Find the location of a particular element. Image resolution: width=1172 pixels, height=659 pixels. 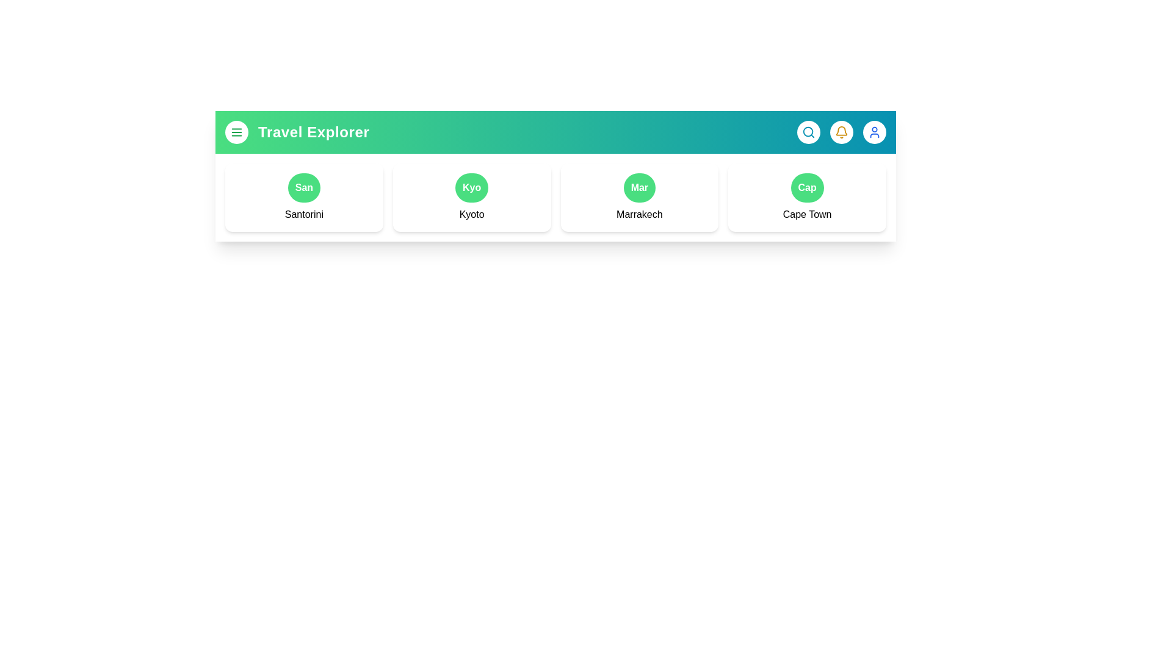

the notification bell icon to view notifications is located at coordinates (841, 132).